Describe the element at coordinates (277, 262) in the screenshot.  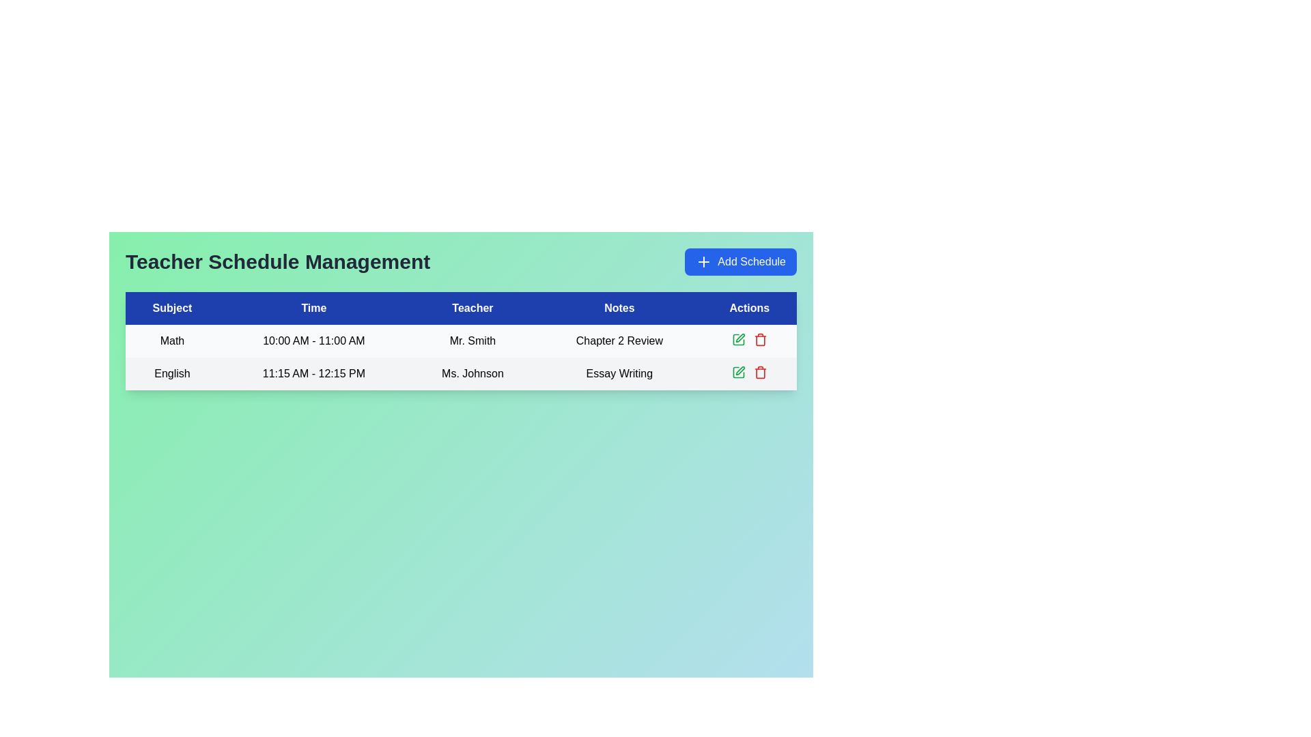
I see `the Text label or heading indicating teacher schedule management located at the top-left section of the interface` at that location.